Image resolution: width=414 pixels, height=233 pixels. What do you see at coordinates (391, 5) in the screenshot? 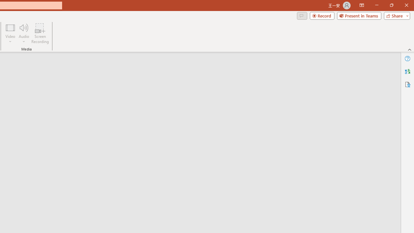
I see `'Restore Down'` at bounding box center [391, 5].